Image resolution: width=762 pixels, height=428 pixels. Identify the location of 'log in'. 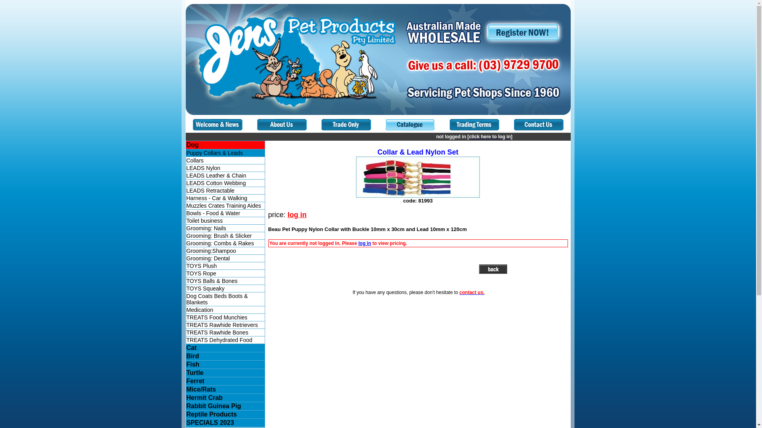
(364, 243).